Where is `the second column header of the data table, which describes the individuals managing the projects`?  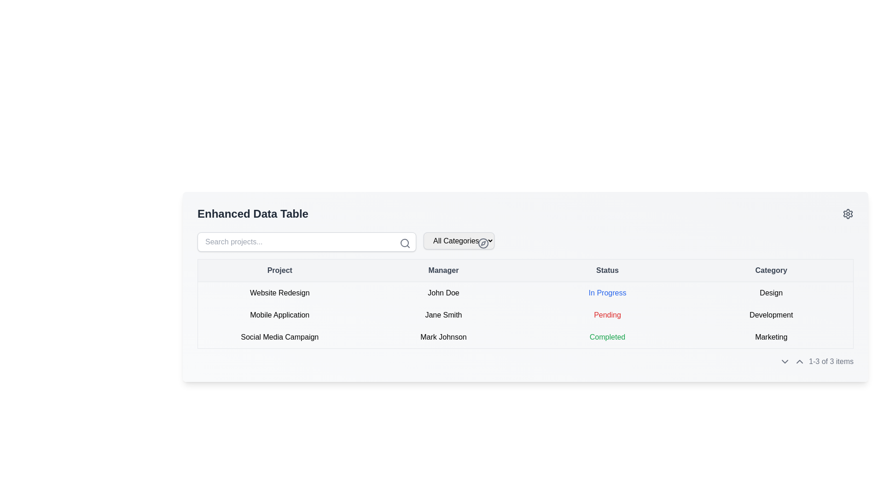
the second column header of the data table, which describes the individuals managing the projects is located at coordinates (443, 270).